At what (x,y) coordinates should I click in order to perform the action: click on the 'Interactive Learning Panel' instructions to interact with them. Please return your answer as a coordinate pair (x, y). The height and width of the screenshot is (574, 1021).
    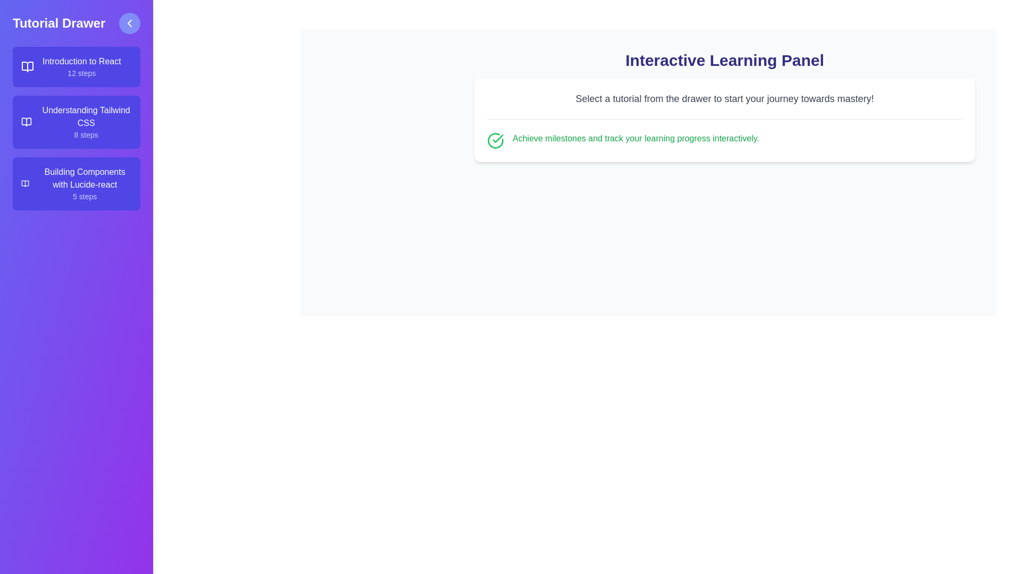
    Looking at the image, I should click on (724, 98).